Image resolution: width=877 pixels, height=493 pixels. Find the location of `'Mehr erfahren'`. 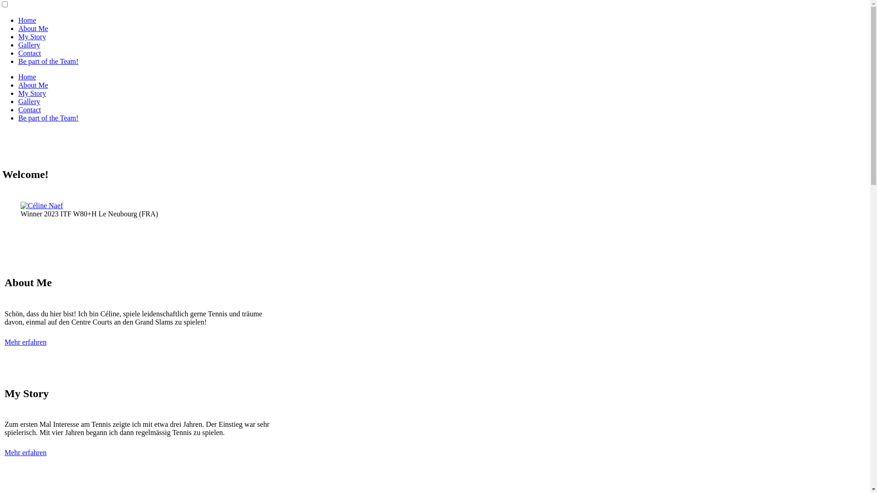

'Mehr erfahren' is located at coordinates (26, 342).